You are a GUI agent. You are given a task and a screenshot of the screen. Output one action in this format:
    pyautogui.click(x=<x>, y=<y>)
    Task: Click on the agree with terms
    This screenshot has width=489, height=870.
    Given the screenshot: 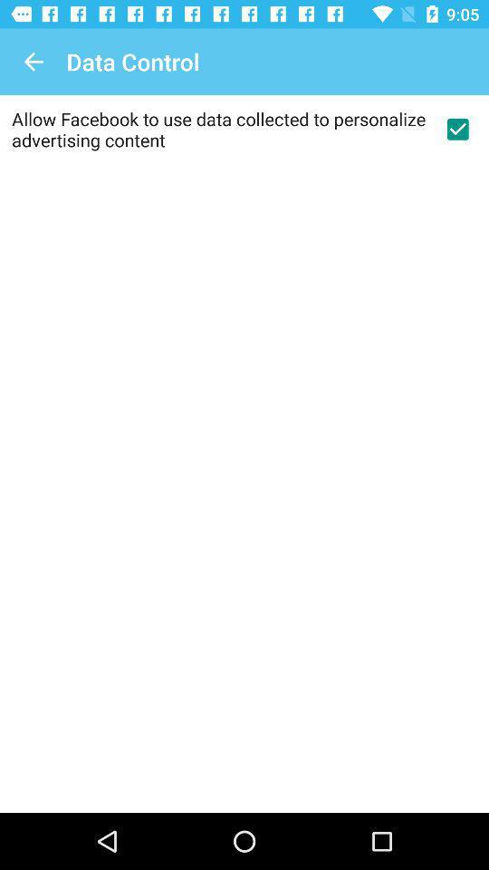 What is the action you would take?
    pyautogui.click(x=456, y=128)
    